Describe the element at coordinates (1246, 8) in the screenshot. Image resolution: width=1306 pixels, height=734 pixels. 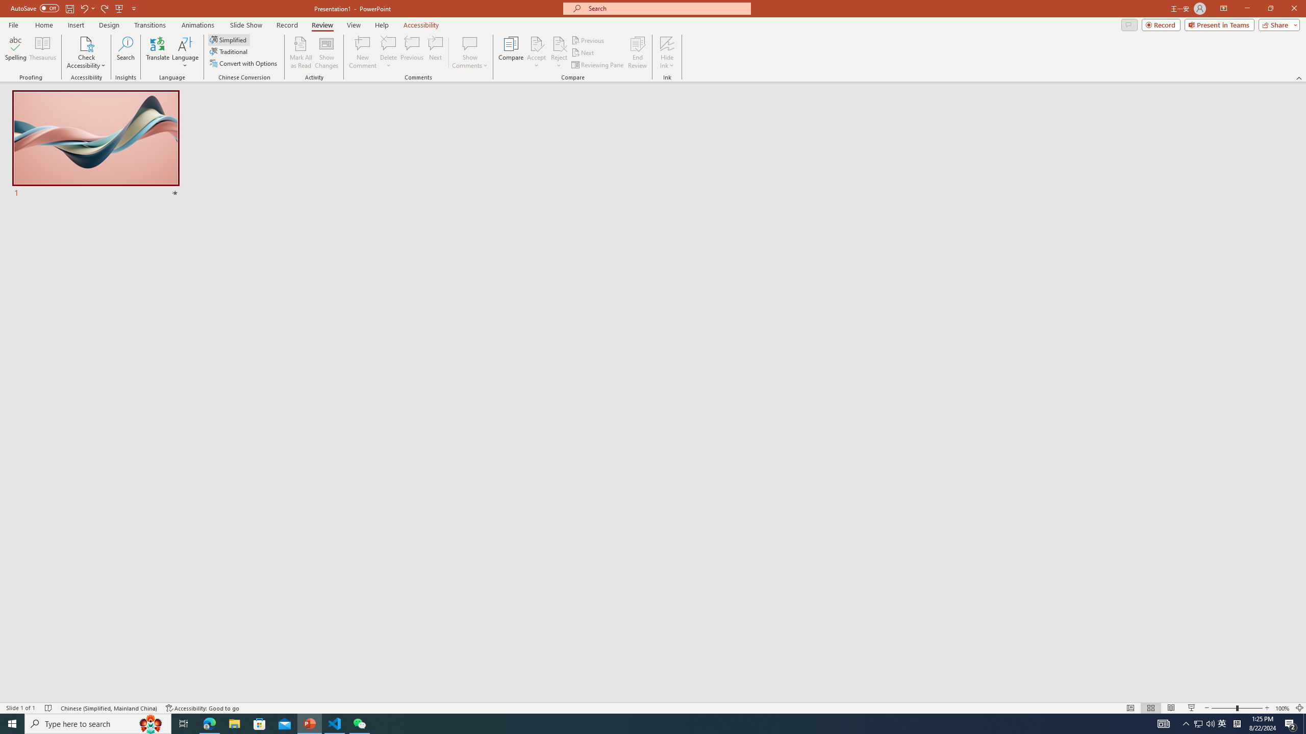
I see `'Minimize'` at that location.